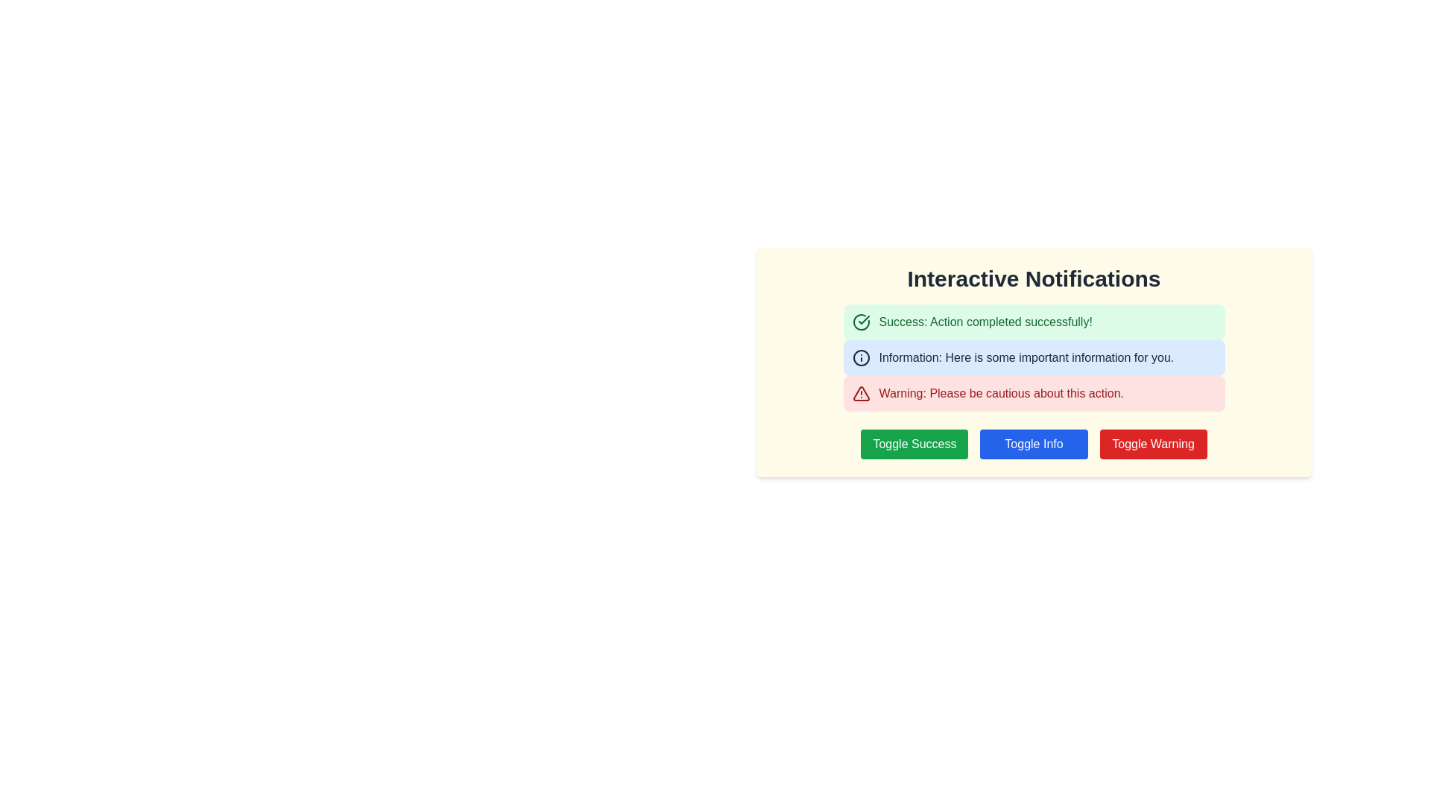 The height and width of the screenshot is (804, 1431). What do you see at coordinates (861, 358) in the screenshot?
I see `the SVG Circle element that represents the information icon, which is a minimalistic circular shape with a radius of 10 pixels, located to the left of the 'Information: Here is some important information for you.' text` at bounding box center [861, 358].